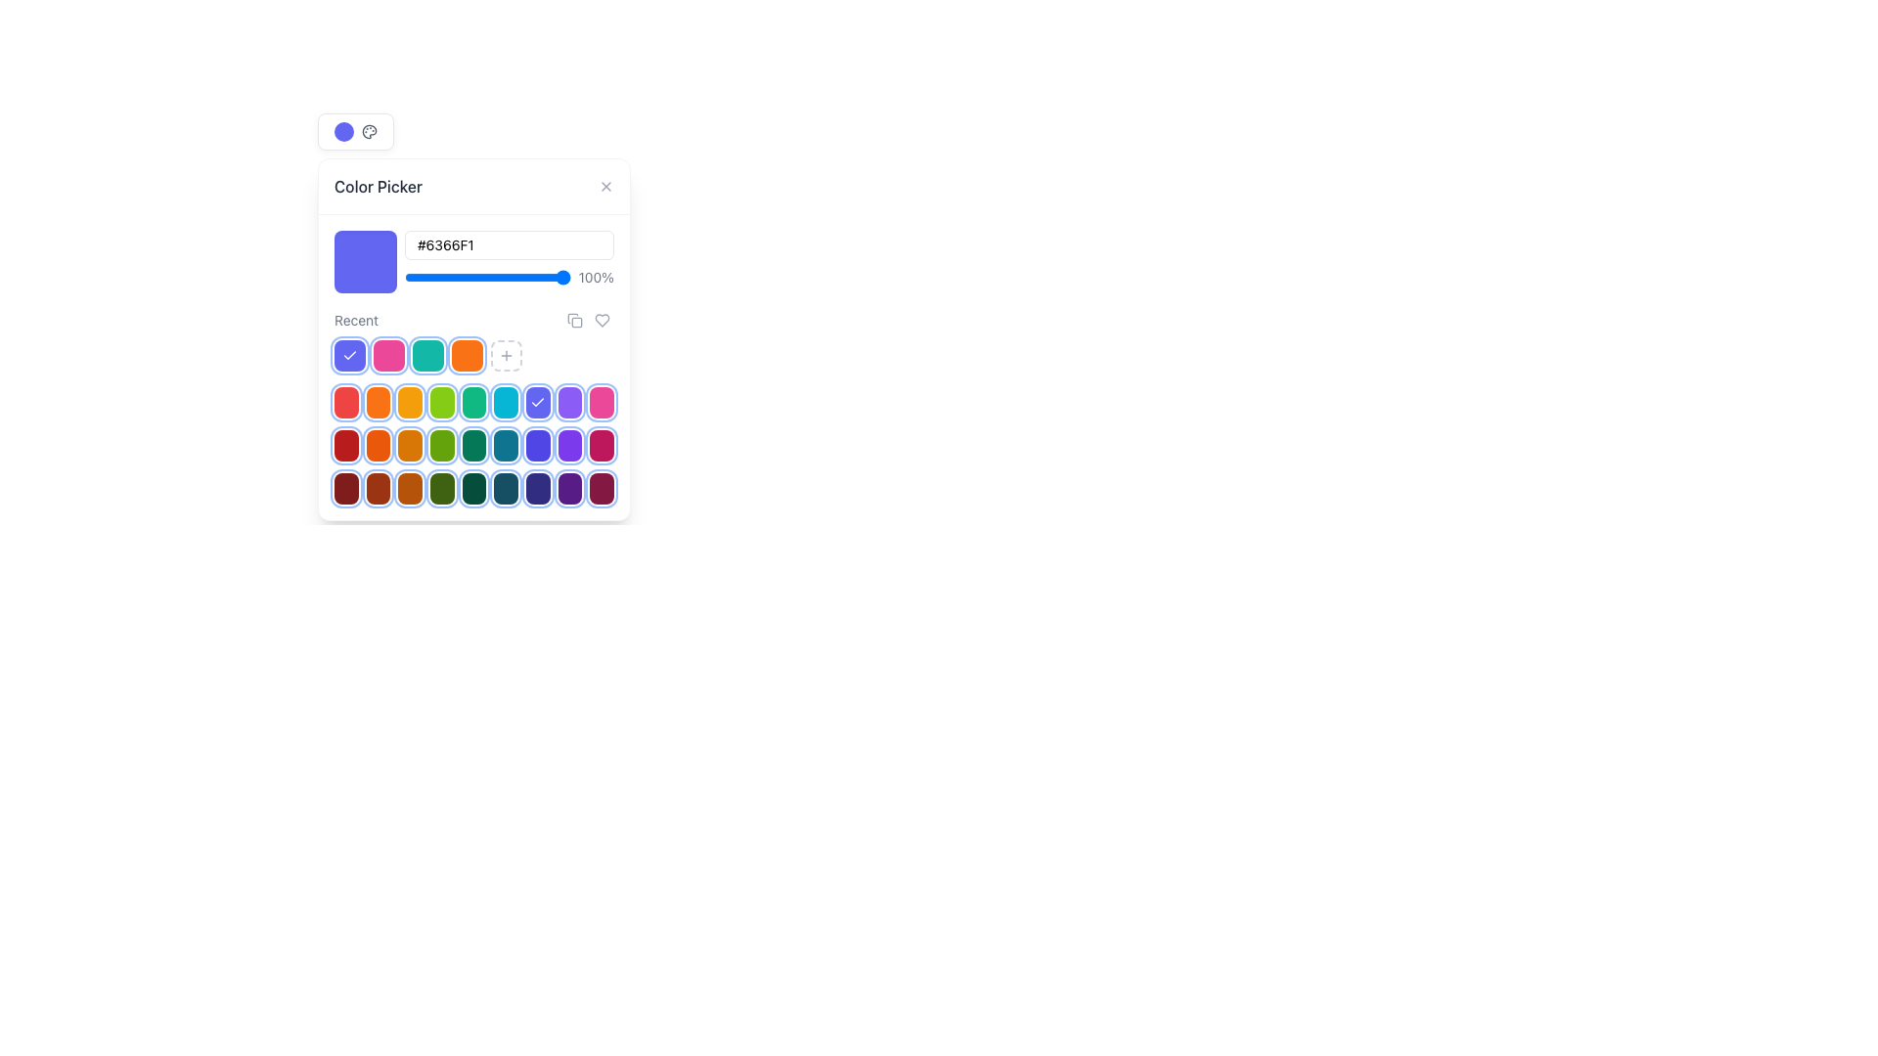 The height and width of the screenshot is (1056, 1878). I want to click on the slider, so click(547, 278).